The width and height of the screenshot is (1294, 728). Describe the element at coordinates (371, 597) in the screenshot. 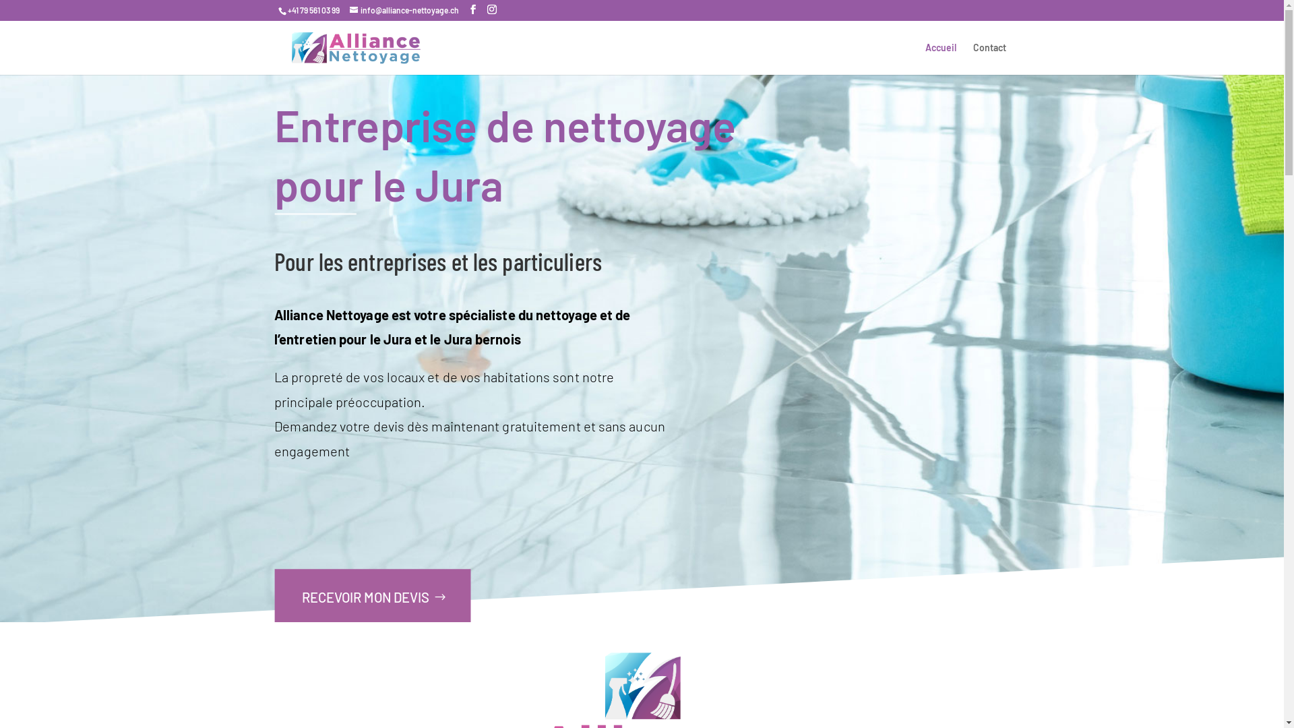

I see `'RECEVOIR MON DEVIS'` at that location.